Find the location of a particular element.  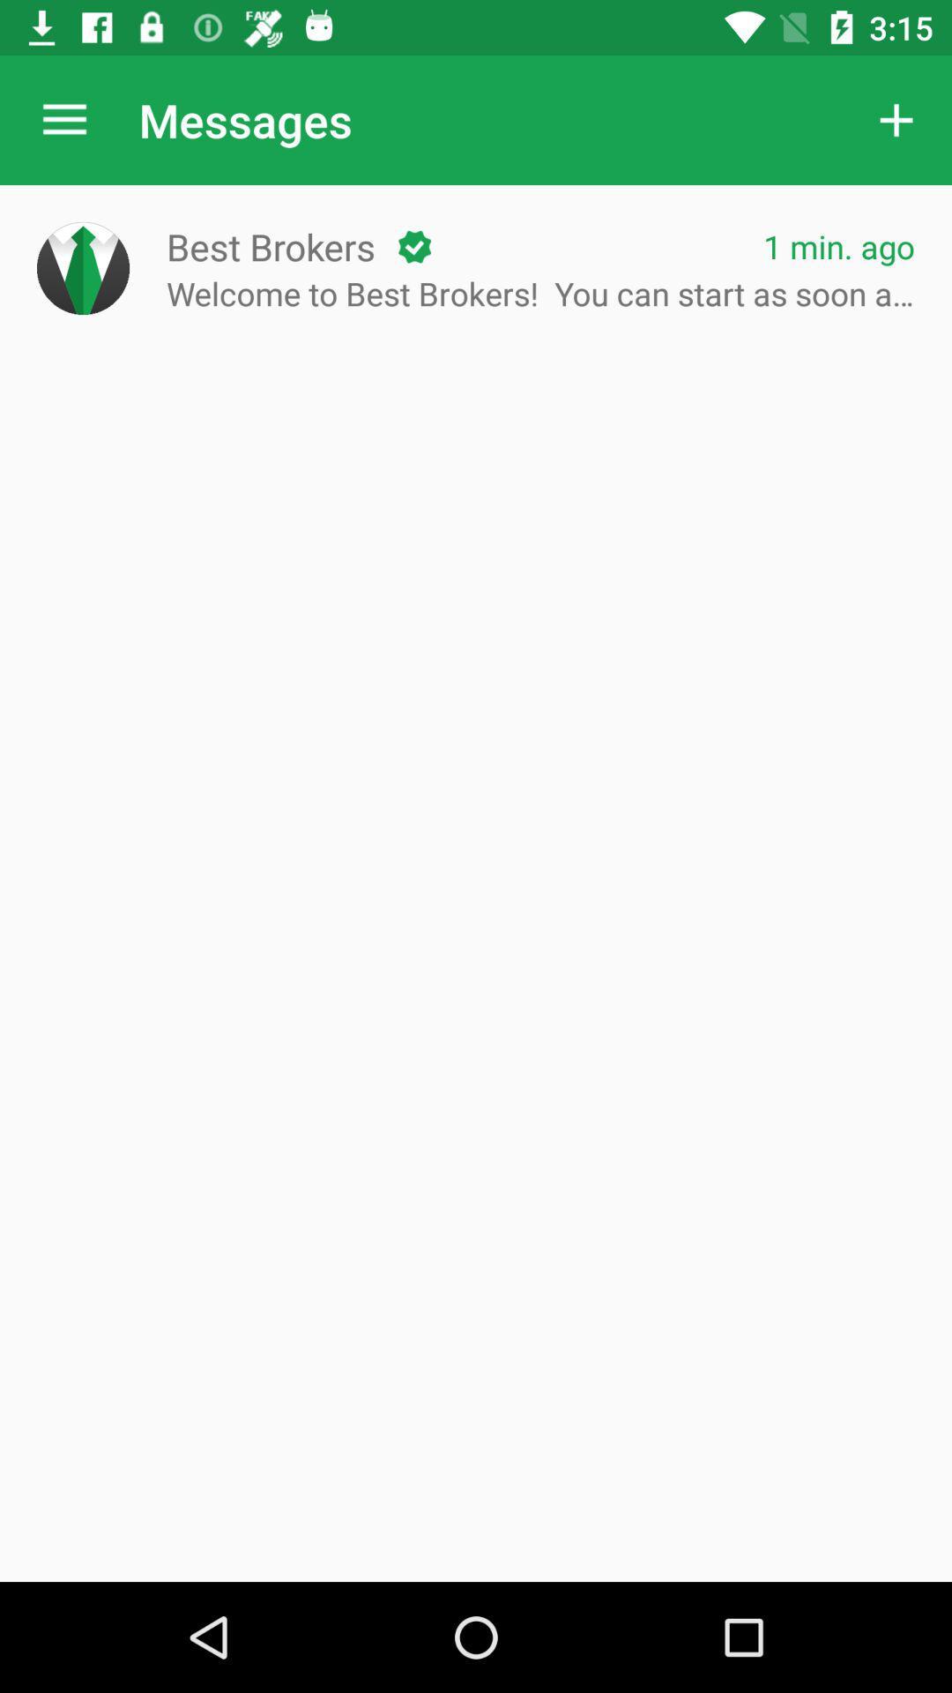

the app to the left of the messages item is located at coordinates (63, 119).